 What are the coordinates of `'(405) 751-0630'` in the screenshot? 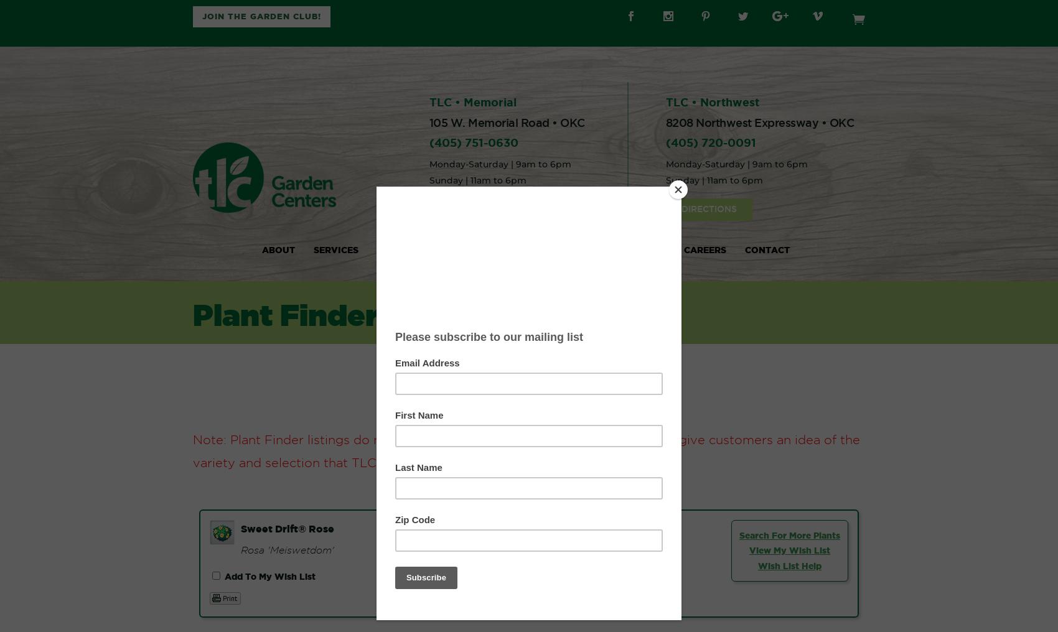 It's located at (472, 142).